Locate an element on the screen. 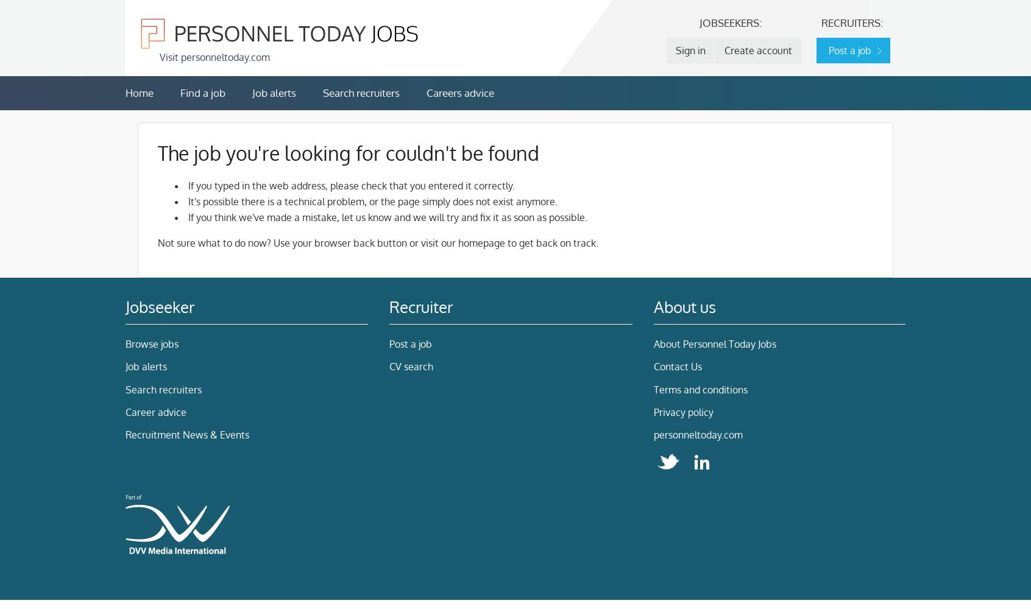 This screenshot has width=1031, height=609. 'to get back on track.' is located at coordinates (551, 243).